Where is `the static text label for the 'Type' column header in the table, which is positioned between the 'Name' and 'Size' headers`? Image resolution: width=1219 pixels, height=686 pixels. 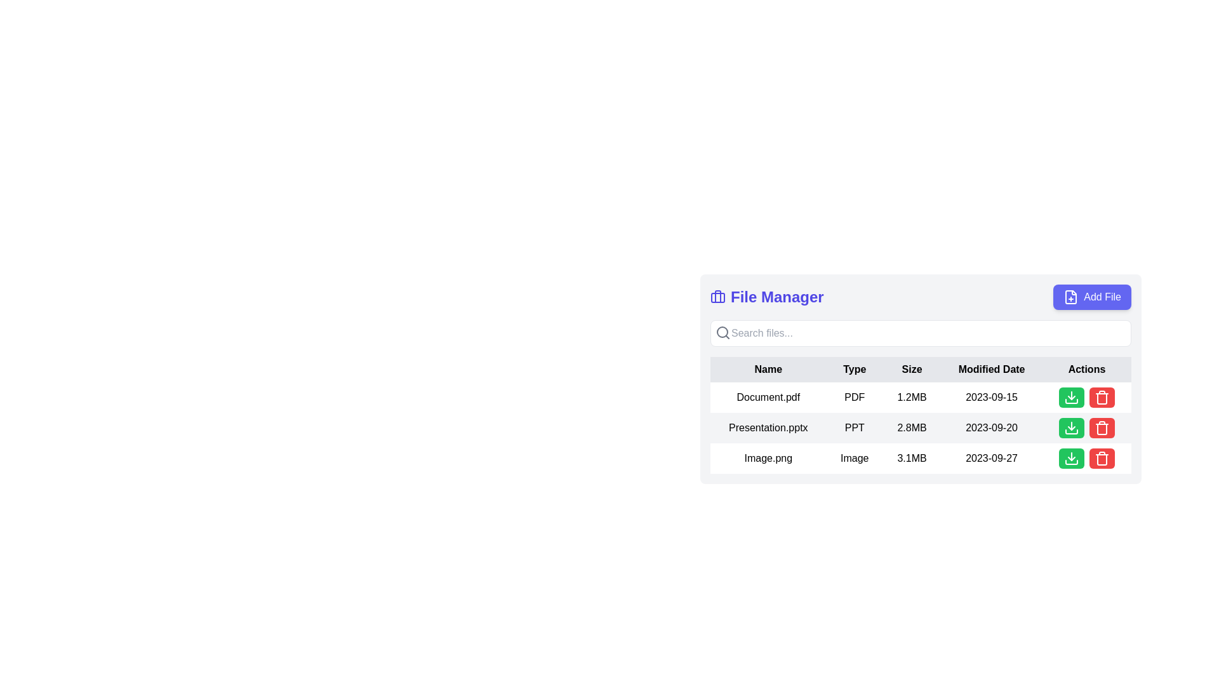
the static text label for the 'Type' column header in the table, which is positioned between the 'Name' and 'Size' headers is located at coordinates (855, 370).